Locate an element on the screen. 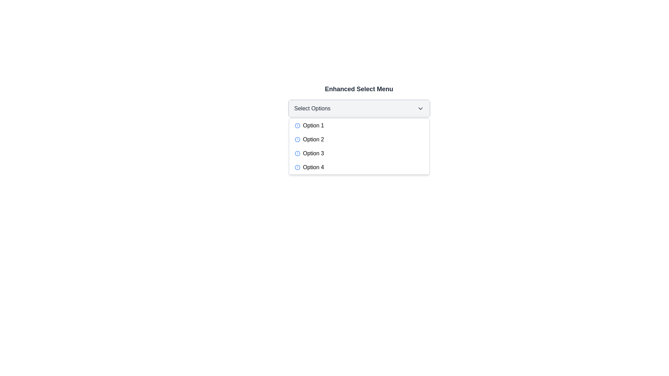 Image resolution: width=669 pixels, height=376 pixels. the radio button labeled 'Option 4' located in the dropdown menu under 'Select Options' for potential visual feedback is located at coordinates (297, 167).